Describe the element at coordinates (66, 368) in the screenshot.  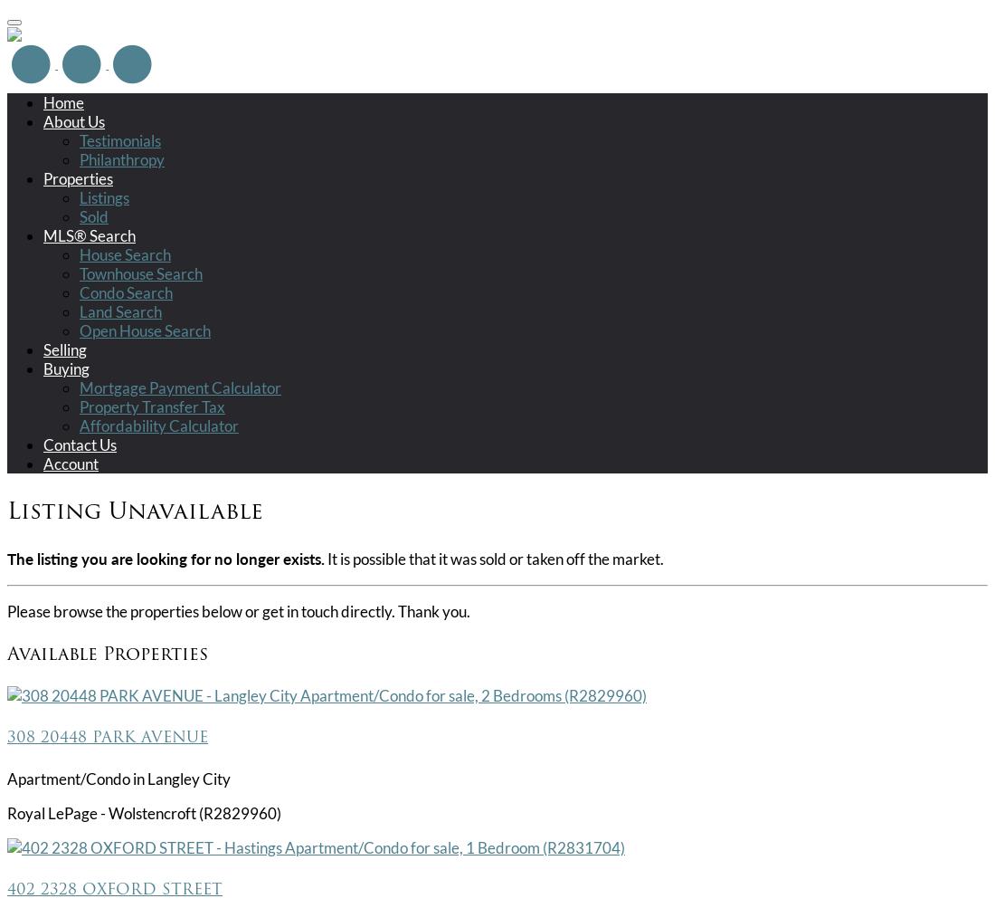
I see `'Buying'` at that location.